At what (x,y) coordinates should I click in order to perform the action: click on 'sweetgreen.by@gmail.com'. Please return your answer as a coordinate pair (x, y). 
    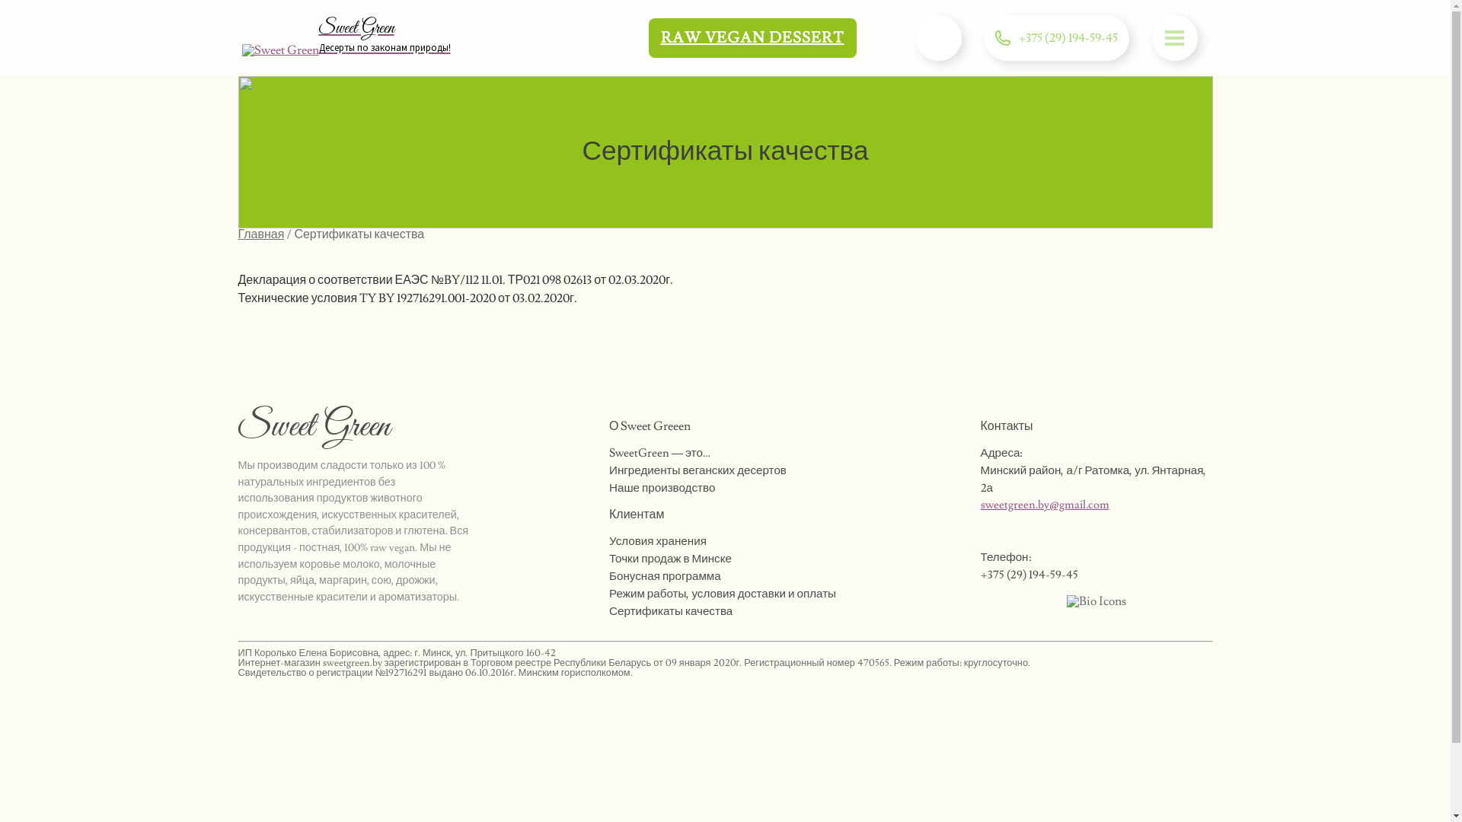
    Looking at the image, I should click on (1044, 505).